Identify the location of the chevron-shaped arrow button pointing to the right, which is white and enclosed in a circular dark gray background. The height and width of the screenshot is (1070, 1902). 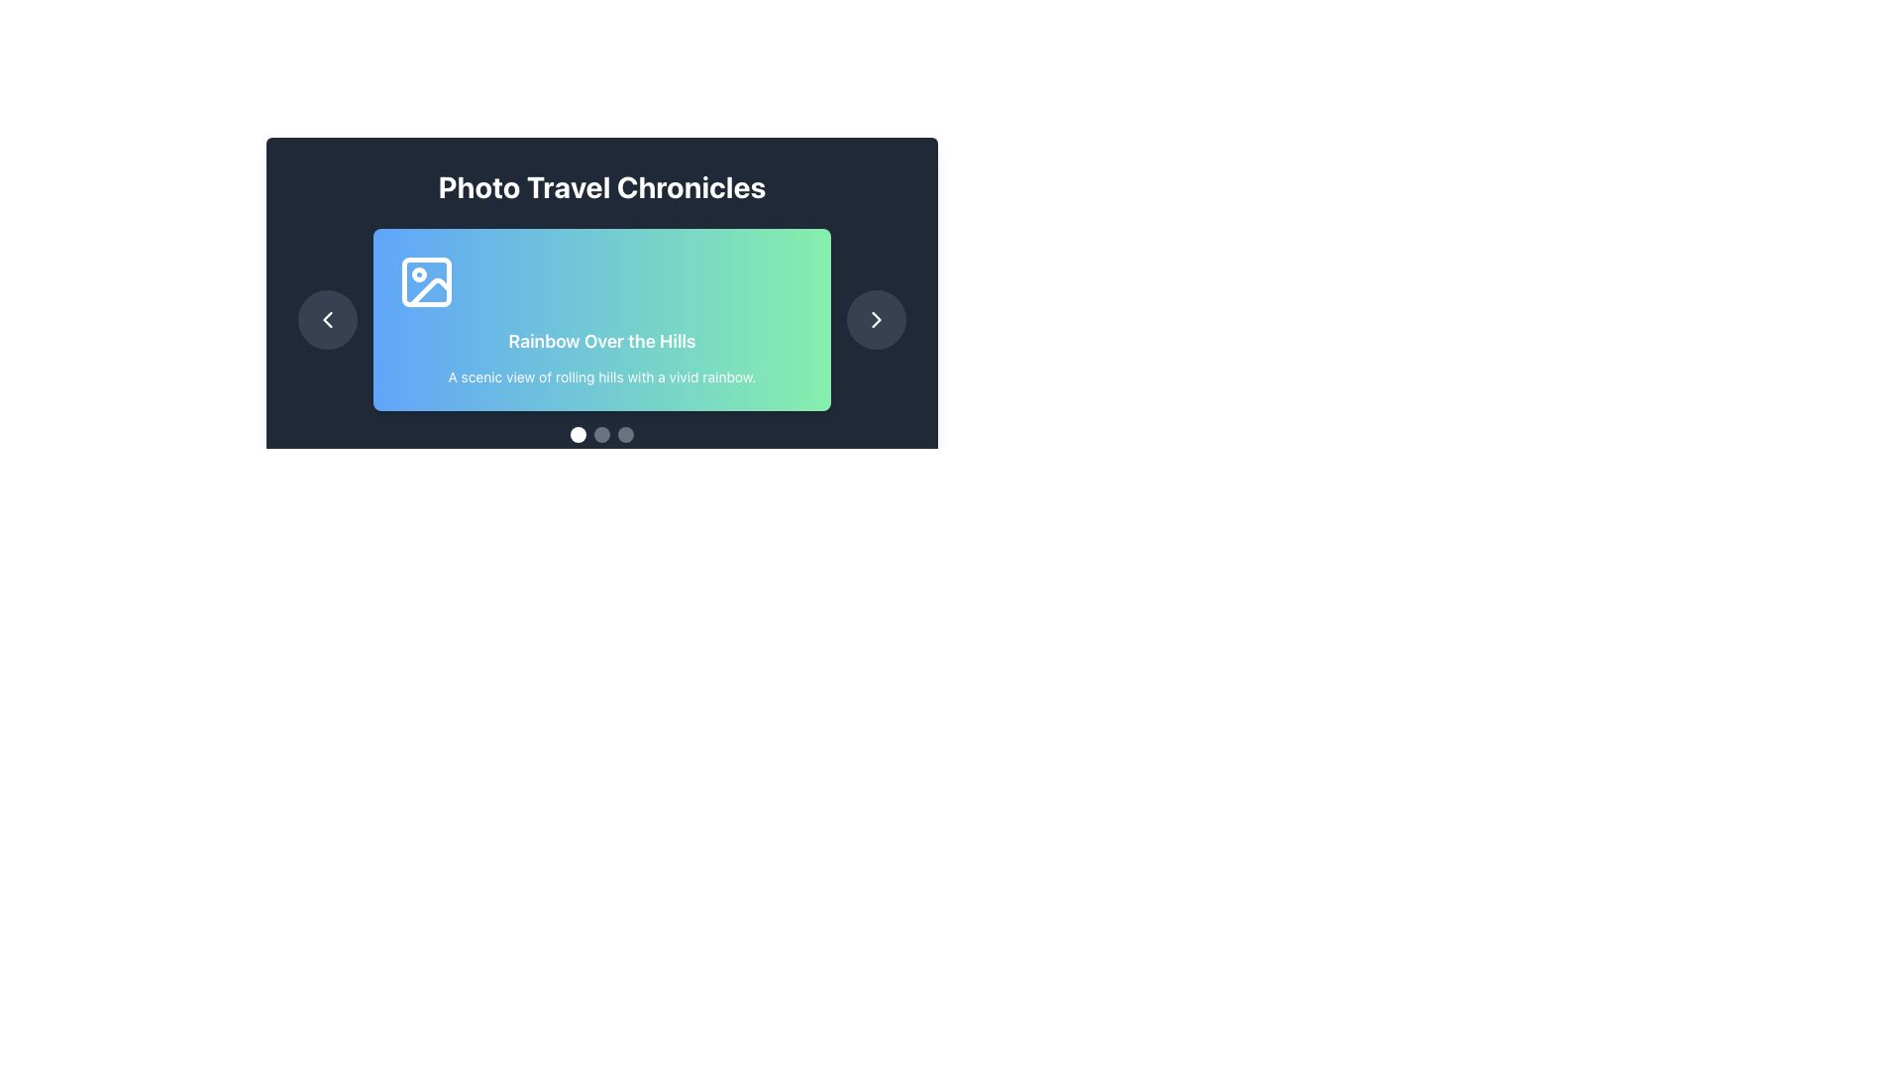
(875, 319).